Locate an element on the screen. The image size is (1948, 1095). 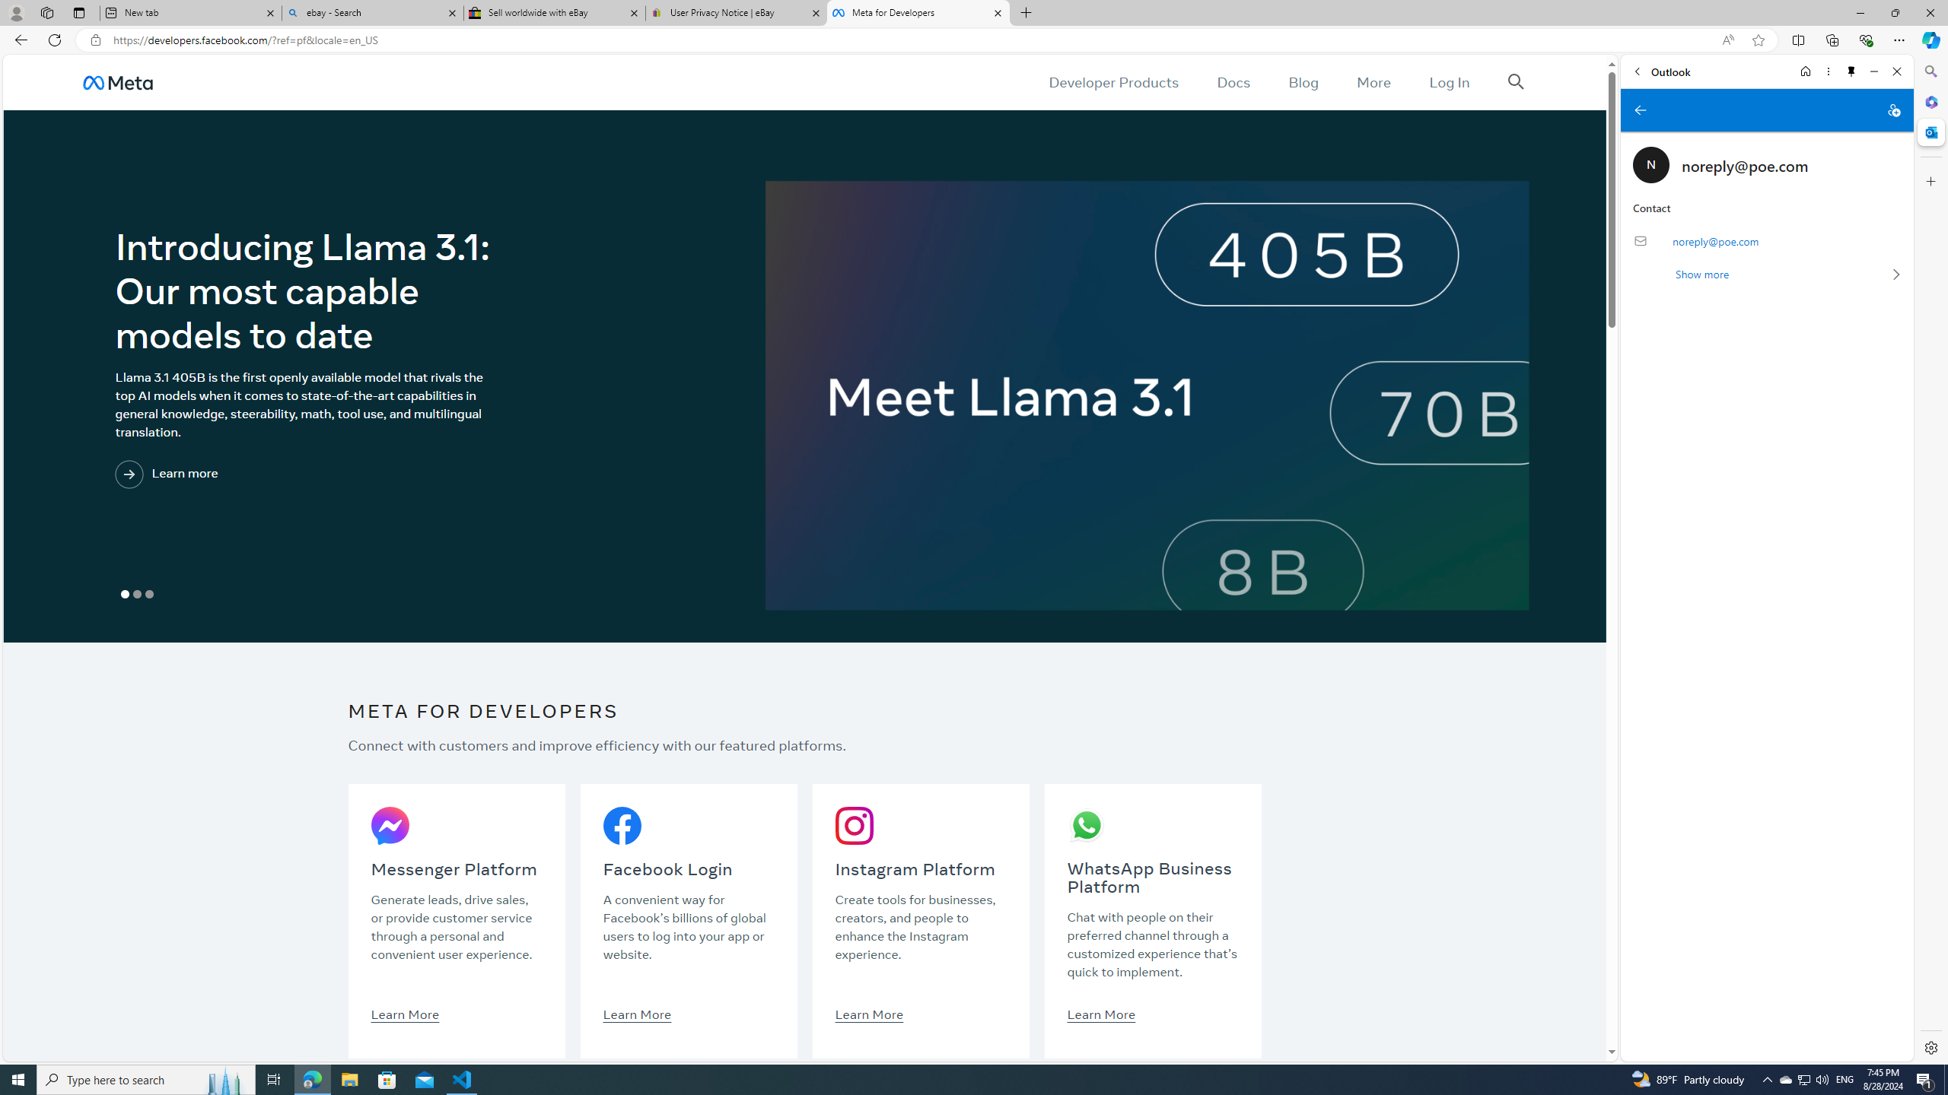
'Show Slide 2' is located at coordinates (136, 594).